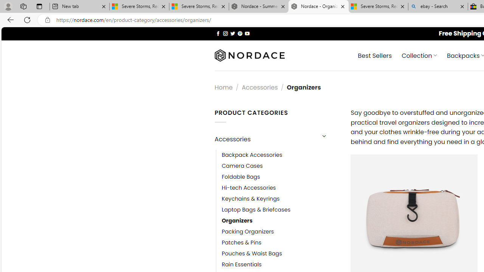 This screenshot has height=272, width=484. I want to click on 'ebay - Search', so click(438, 6).